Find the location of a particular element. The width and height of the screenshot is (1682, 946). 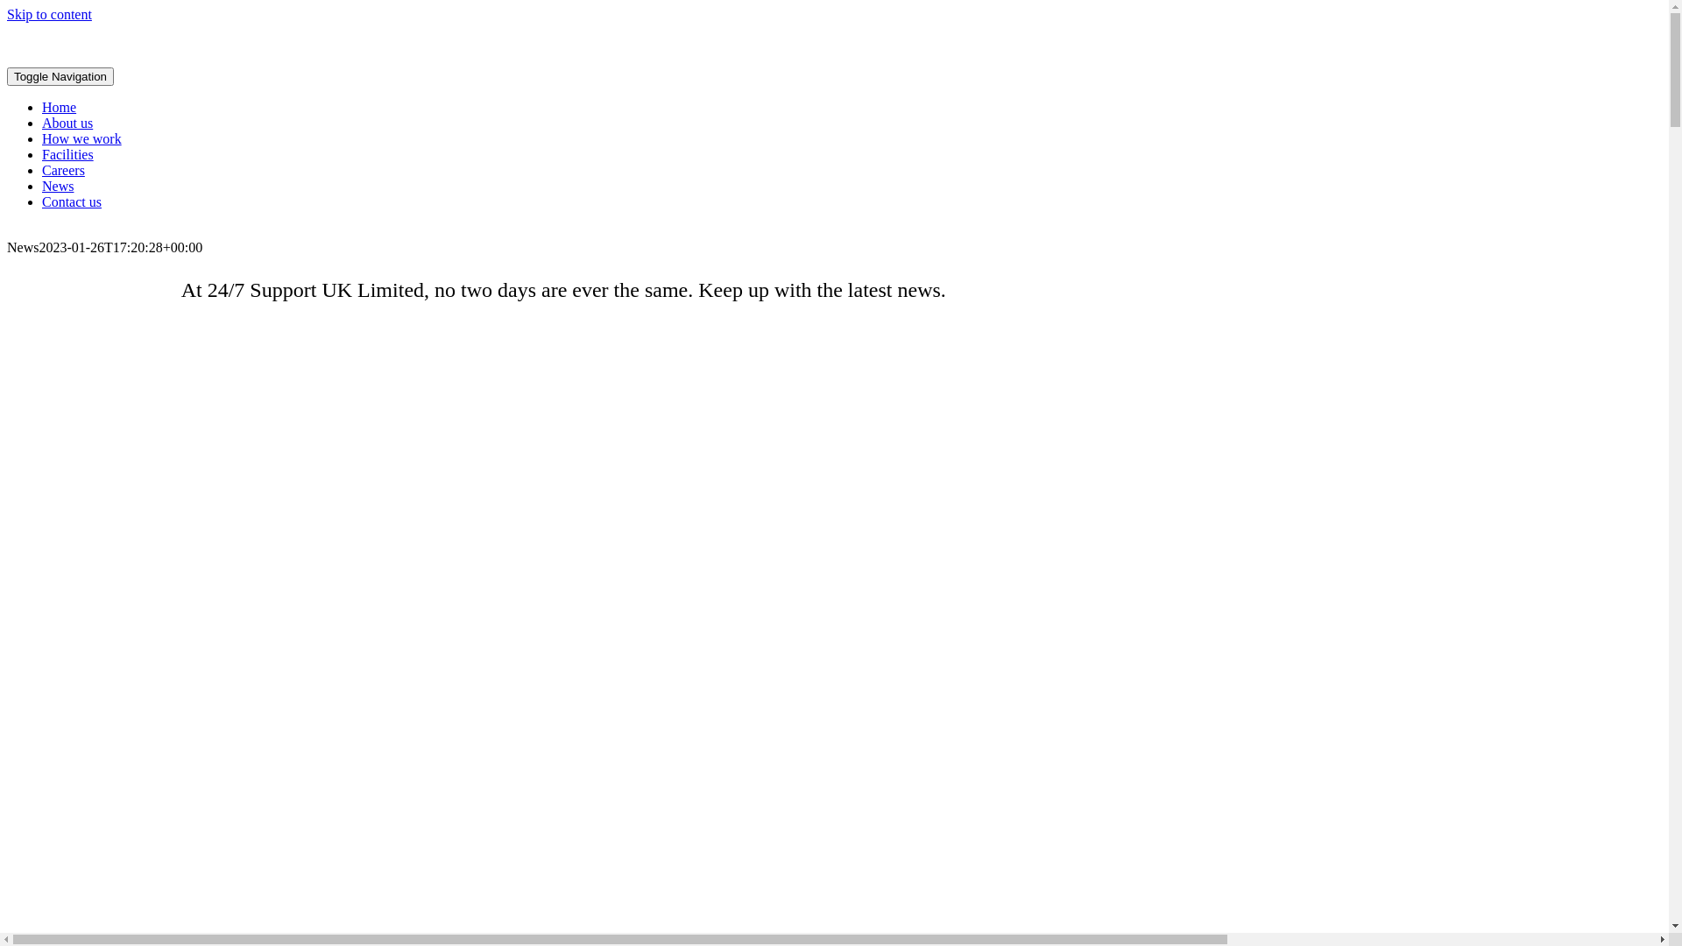

'About us' is located at coordinates (67, 122).